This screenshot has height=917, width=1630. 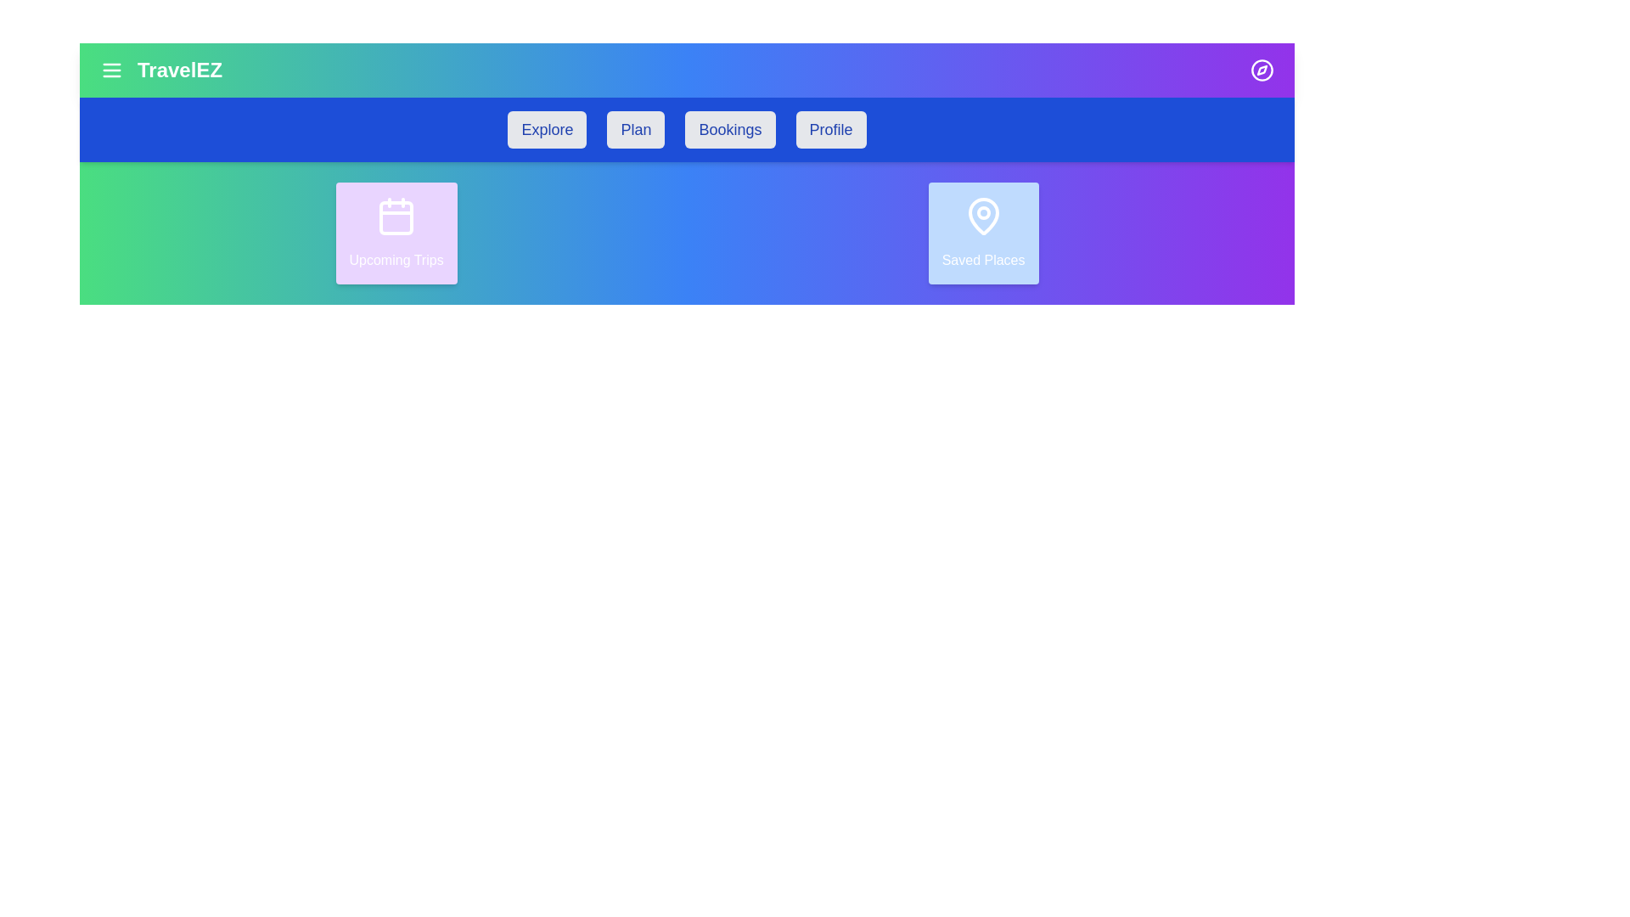 I want to click on the menu item labeled Plan to navigate to the corresponding section, so click(x=635, y=129).